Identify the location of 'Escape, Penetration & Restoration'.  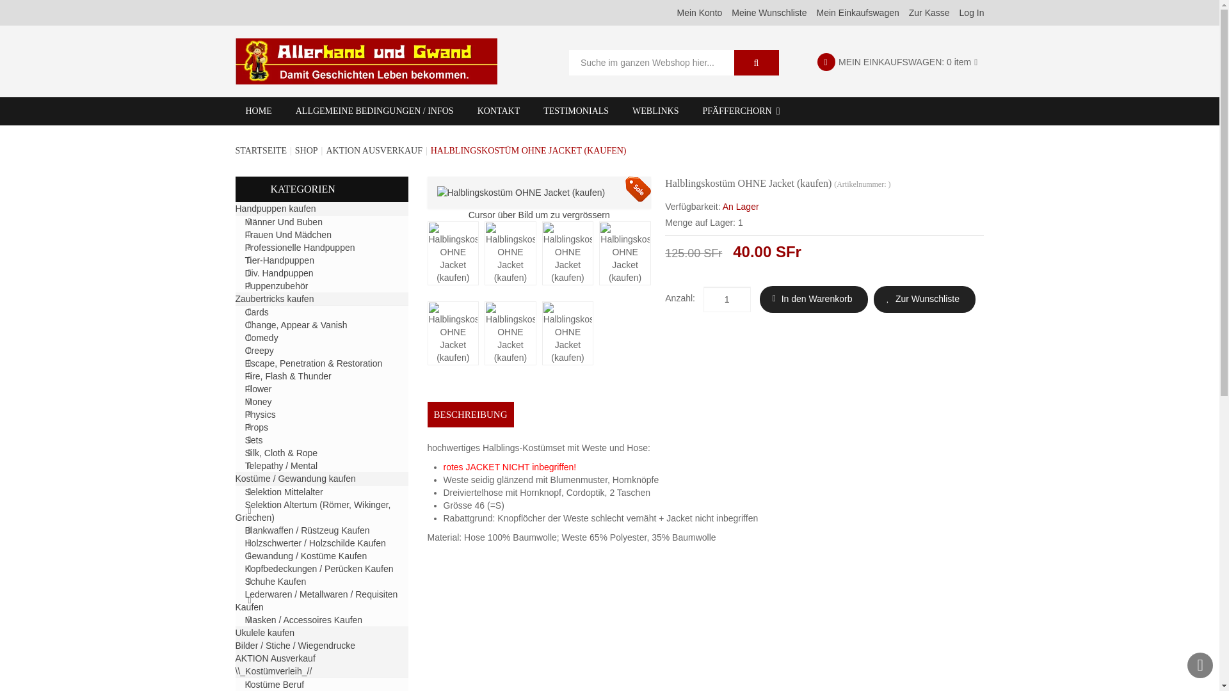
(313, 363).